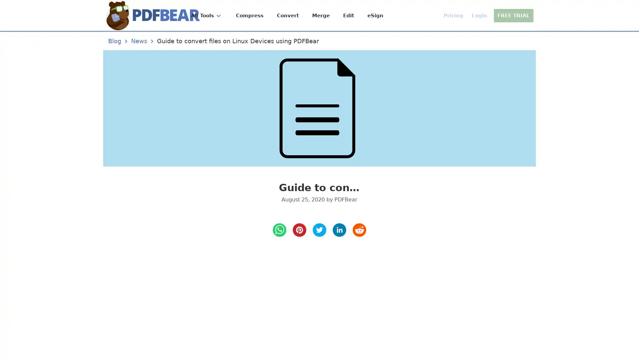 This screenshot has height=359, width=639. What do you see at coordinates (138, 41) in the screenshot?
I see `News` at bounding box center [138, 41].